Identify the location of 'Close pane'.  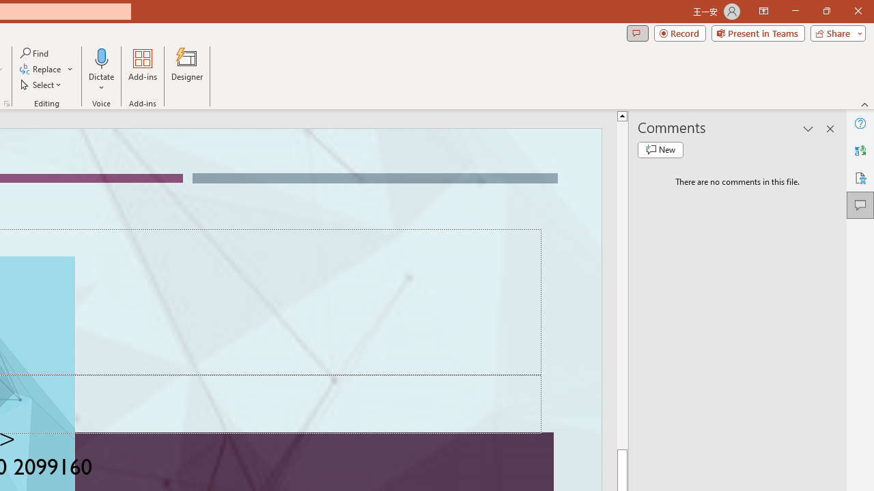
(830, 129).